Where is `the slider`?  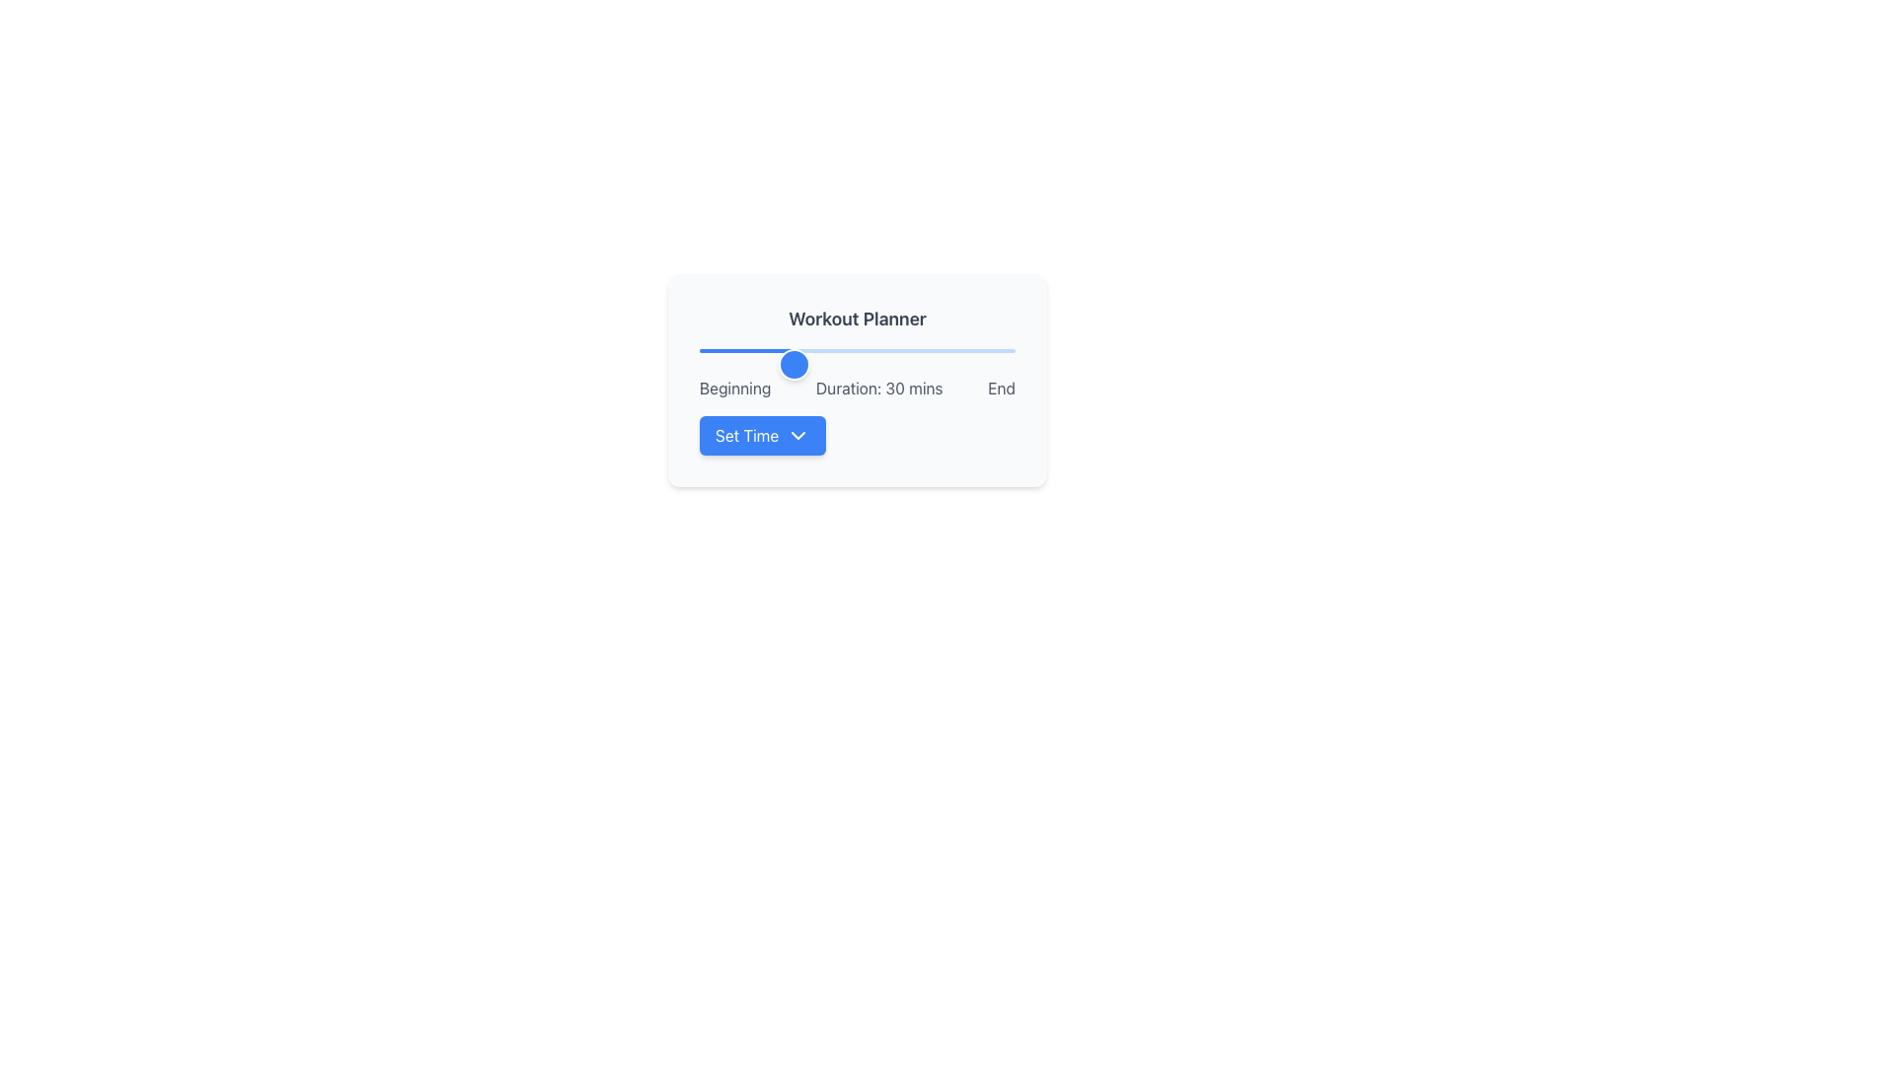 the slider is located at coordinates (791, 348).